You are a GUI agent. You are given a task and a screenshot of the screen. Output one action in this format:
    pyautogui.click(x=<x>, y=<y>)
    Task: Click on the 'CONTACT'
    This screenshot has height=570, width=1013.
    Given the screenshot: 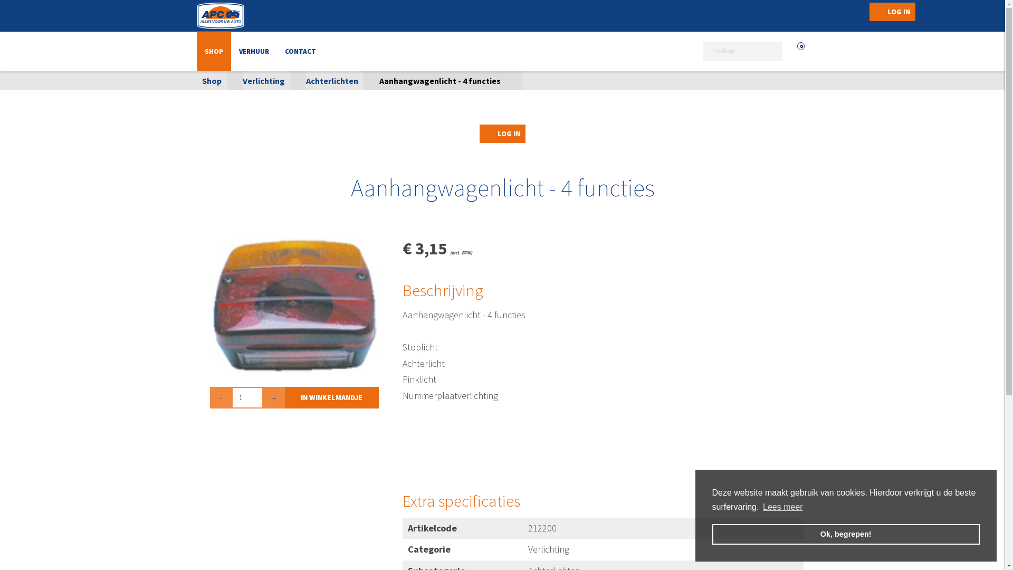 What is the action you would take?
    pyautogui.click(x=299, y=51)
    